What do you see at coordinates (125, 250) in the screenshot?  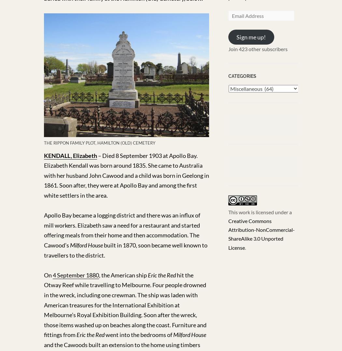 I see `'built in 1870, soon became well known to travellers to the district.'` at bounding box center [125, 250].